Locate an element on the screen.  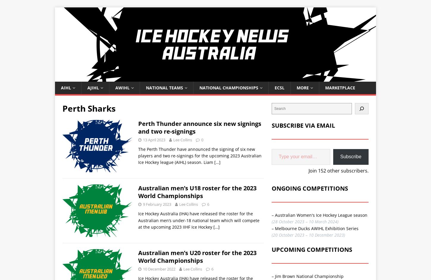
'13 April 2023' is located at coordinates (154, 139).